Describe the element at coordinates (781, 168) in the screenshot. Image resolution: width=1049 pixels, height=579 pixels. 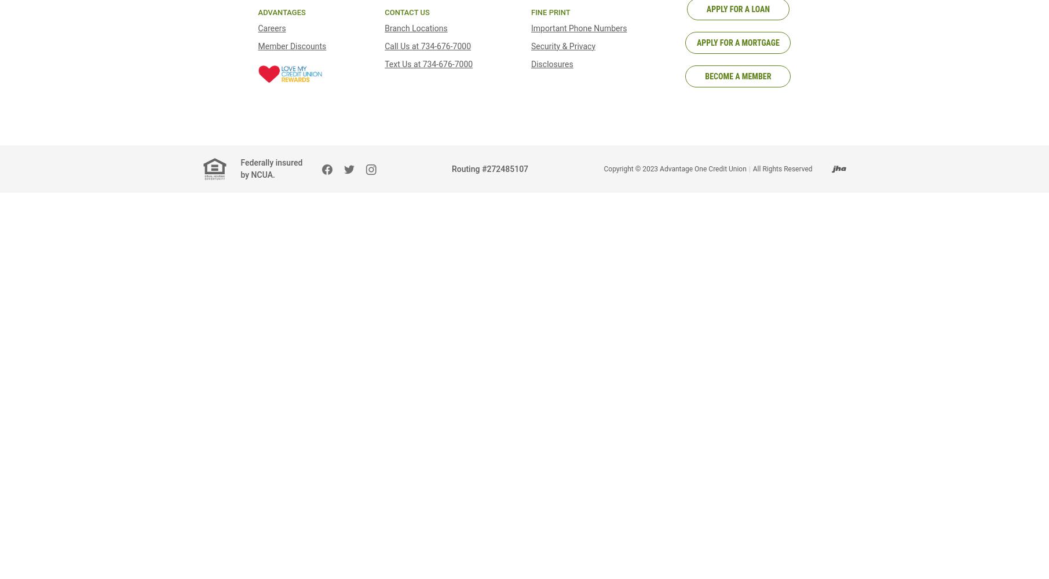
I see `'All Rights Reserved'` at that location.